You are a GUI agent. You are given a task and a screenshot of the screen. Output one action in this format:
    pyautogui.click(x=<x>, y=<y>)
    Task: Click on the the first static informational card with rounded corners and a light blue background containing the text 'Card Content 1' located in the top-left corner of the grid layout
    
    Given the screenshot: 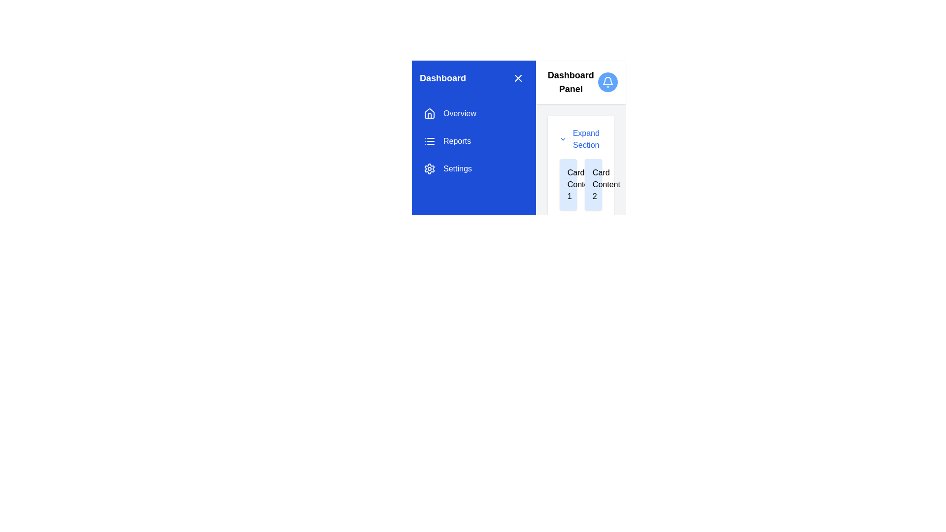 What is the action you would take?
    pyautogui.click(x=568, y=184)
    